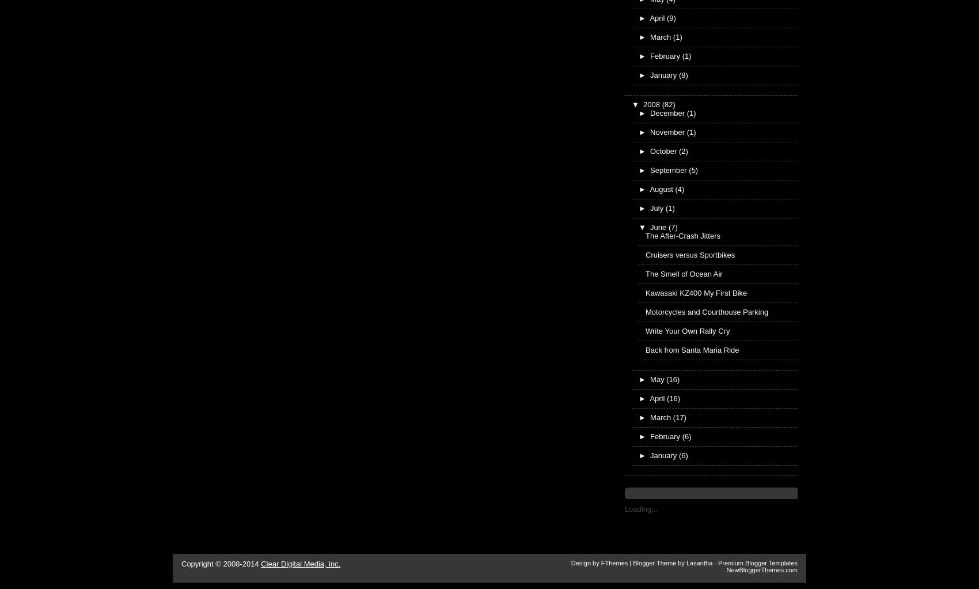 The width and height of the screenshot is (979, 589). What do you see at coordinates (181, 562) in the screenshot?
I see `'Copyright © 2008-2014'` at bounding box center [181, 562].